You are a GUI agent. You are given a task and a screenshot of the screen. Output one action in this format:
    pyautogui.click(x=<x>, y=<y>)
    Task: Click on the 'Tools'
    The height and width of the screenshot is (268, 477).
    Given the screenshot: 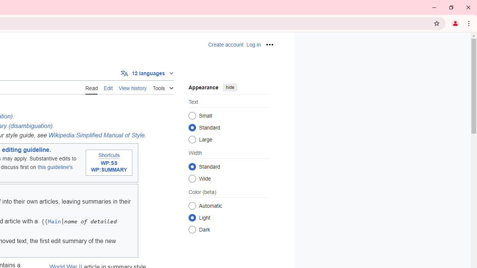 What is the action you would take?
    pyautogui.click(x=162, y=86)
    